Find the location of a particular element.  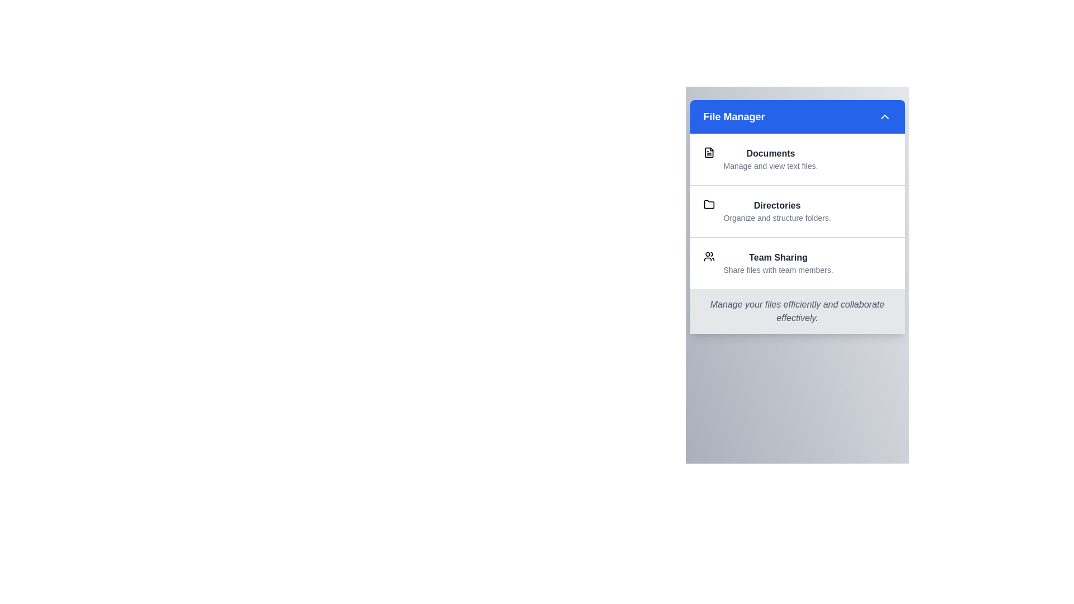

the item labeled 'Documents' to highlight it is located at coordinates (797, 159).